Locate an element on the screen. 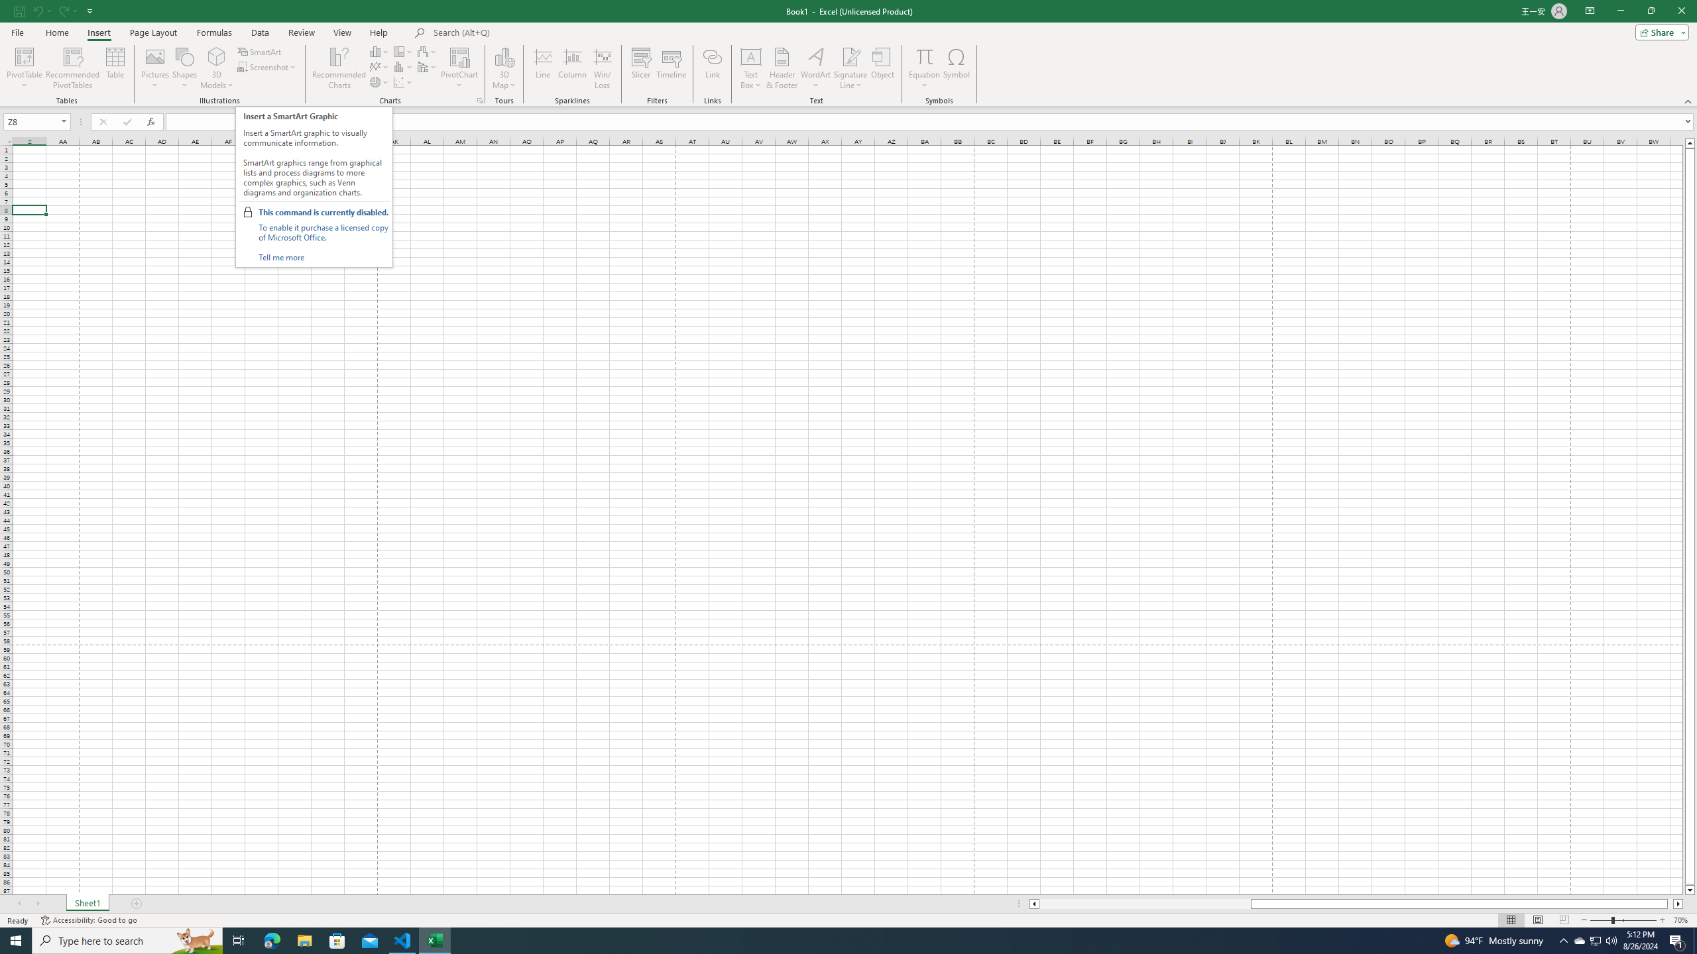 The width and height of the screenshot is (1697, 954). 'PivotTable' is located at coordinates (24, 56).